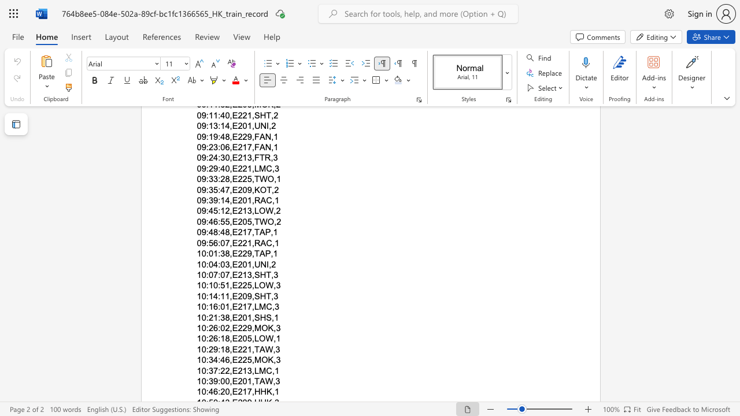 This screenshot has height=416, width=740. I want to click on the space between the continuous character "," and "M" in the text, so click(254, 359).